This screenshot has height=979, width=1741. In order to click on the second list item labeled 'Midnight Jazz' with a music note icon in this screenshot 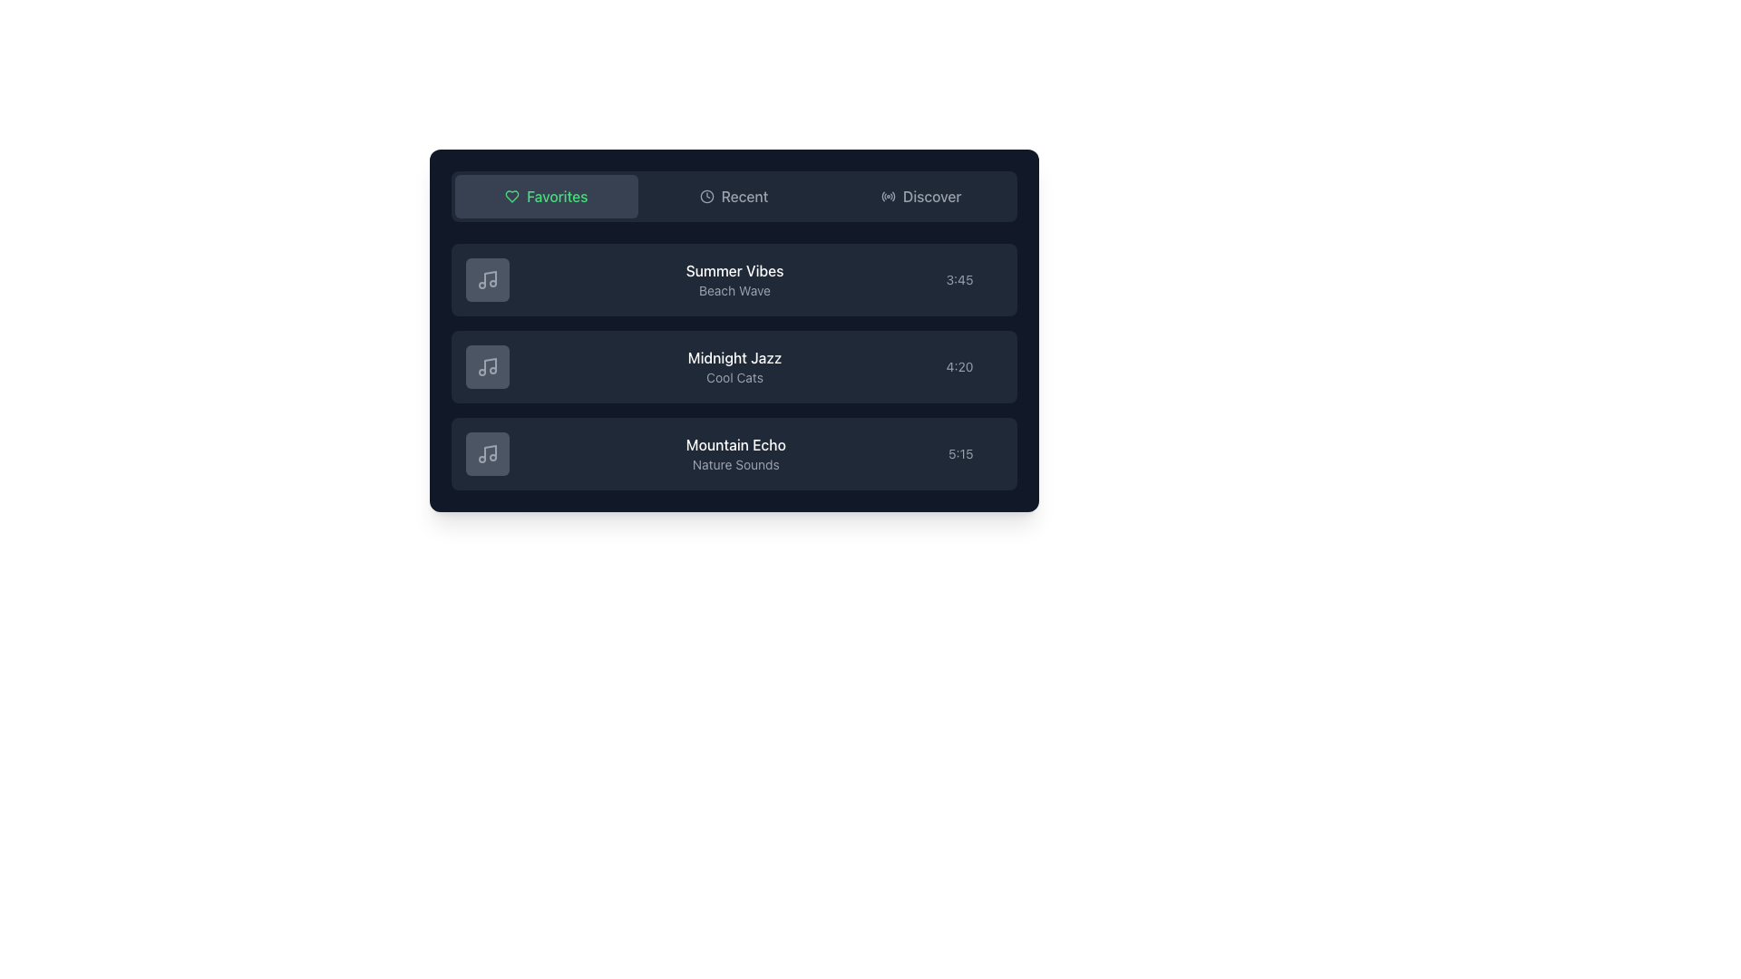, I will do `click(734, 367)`.